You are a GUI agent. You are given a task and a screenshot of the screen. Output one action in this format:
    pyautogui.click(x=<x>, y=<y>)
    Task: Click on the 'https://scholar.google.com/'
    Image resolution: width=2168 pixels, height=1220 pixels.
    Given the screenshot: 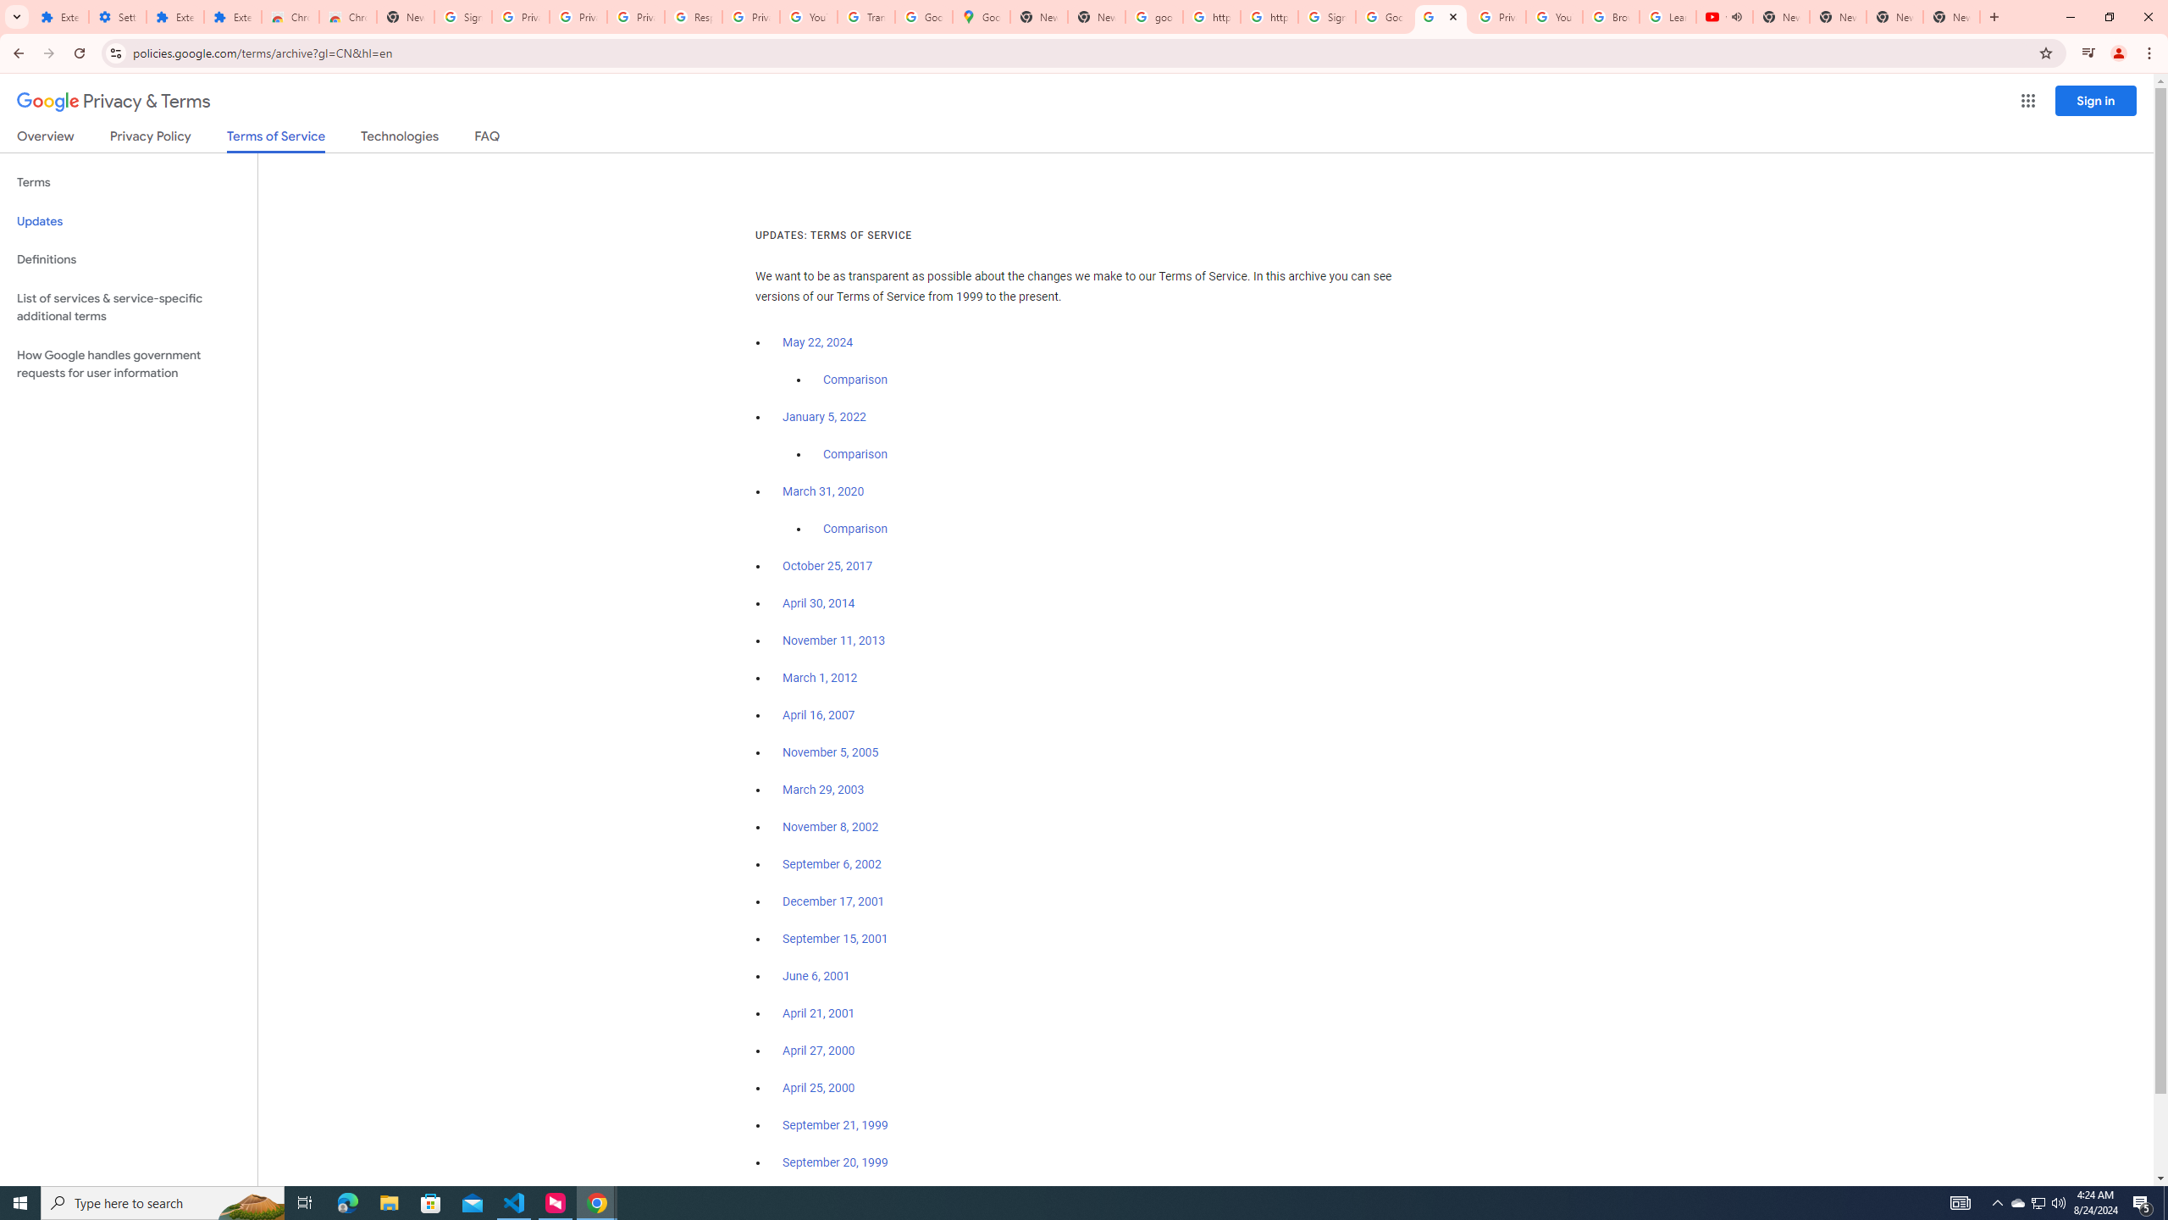 What is the action you would take?
    pyautogui.click(x=1268, y=16)
    